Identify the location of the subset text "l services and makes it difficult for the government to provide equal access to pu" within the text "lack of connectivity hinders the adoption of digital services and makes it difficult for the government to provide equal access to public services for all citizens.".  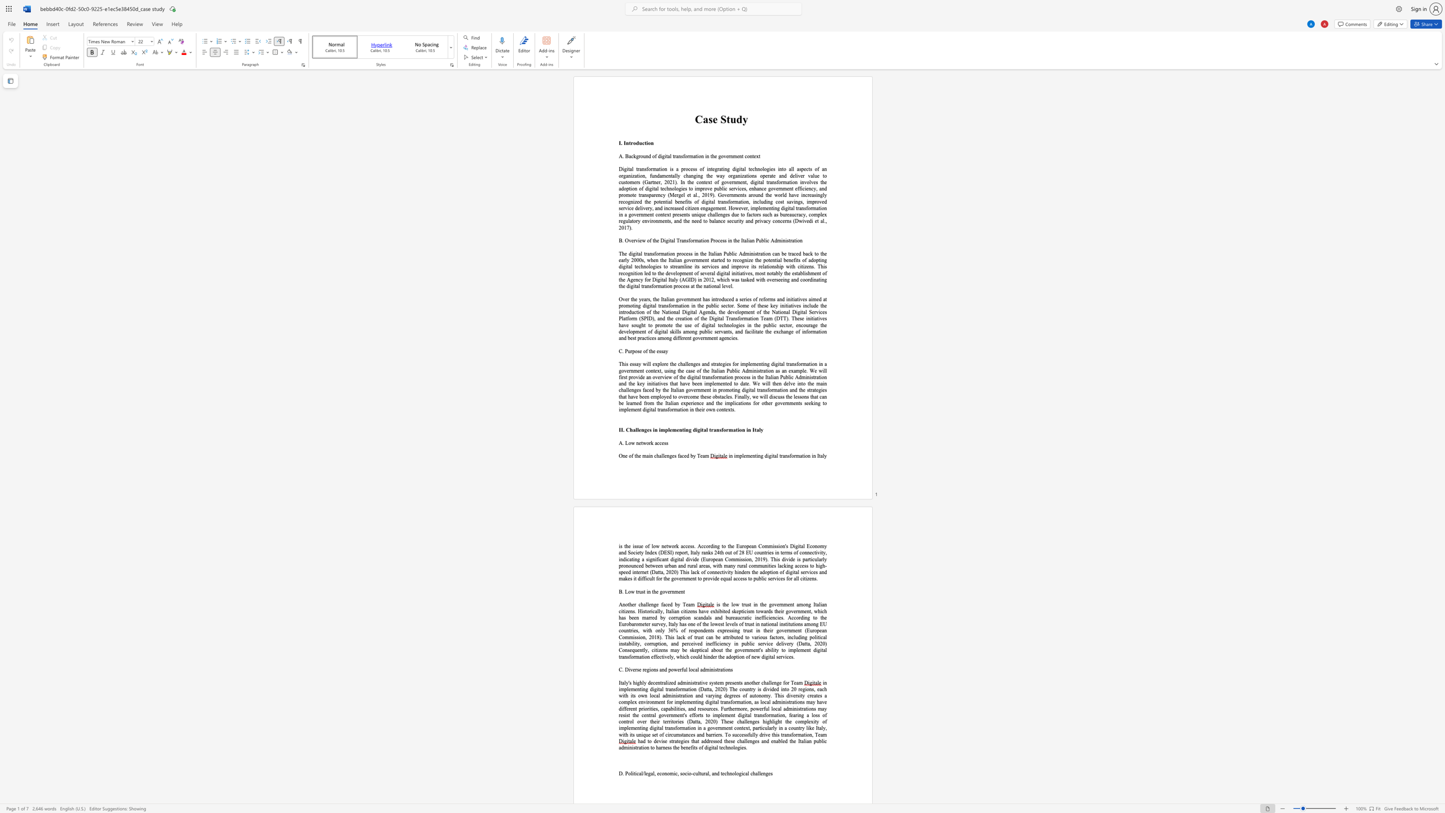
(797, 571).